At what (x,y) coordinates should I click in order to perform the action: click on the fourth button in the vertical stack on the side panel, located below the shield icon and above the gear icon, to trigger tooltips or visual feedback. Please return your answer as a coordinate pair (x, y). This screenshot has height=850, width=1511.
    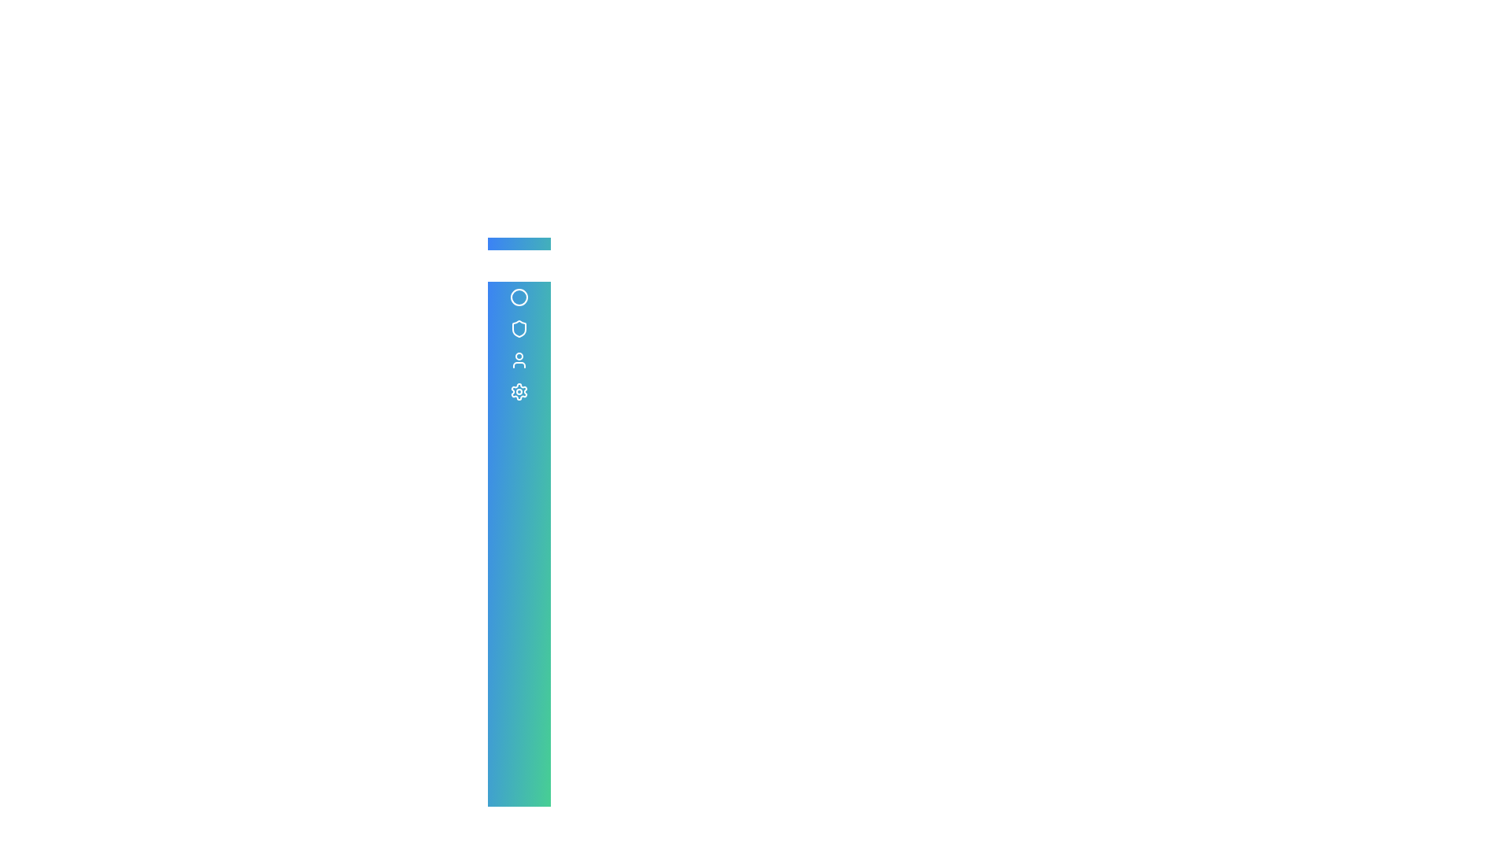
    Looking at the image, I should click on (519, 360).